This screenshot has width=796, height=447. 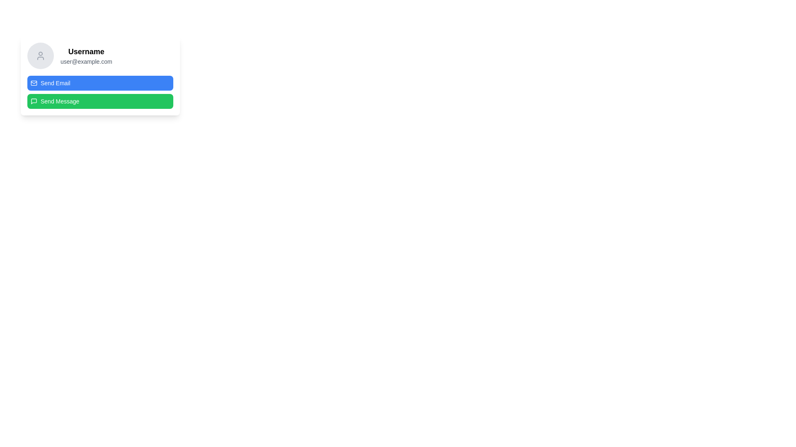 I want to click on the Label with Avatar, which consists of a circular gray placeholder with a user icon on the left and stacked text displaying a bold username ('Username') and a smaller email address ('user@example.com') on the right, so click(x=99, y=56).